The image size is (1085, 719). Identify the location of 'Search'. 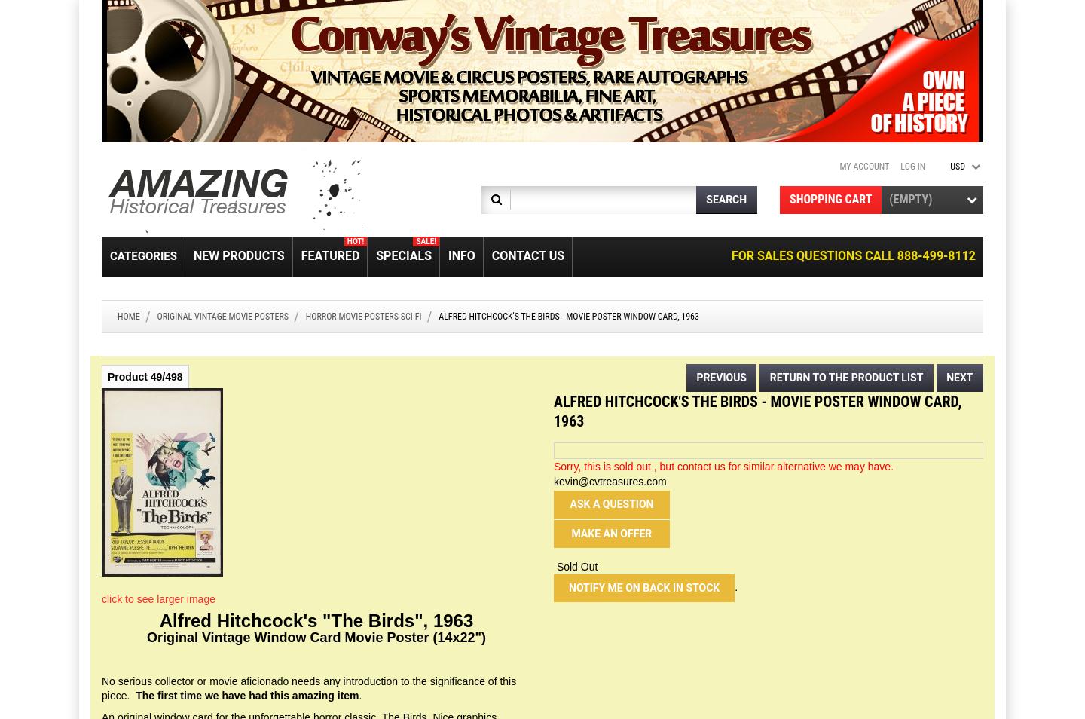
(725, 200).